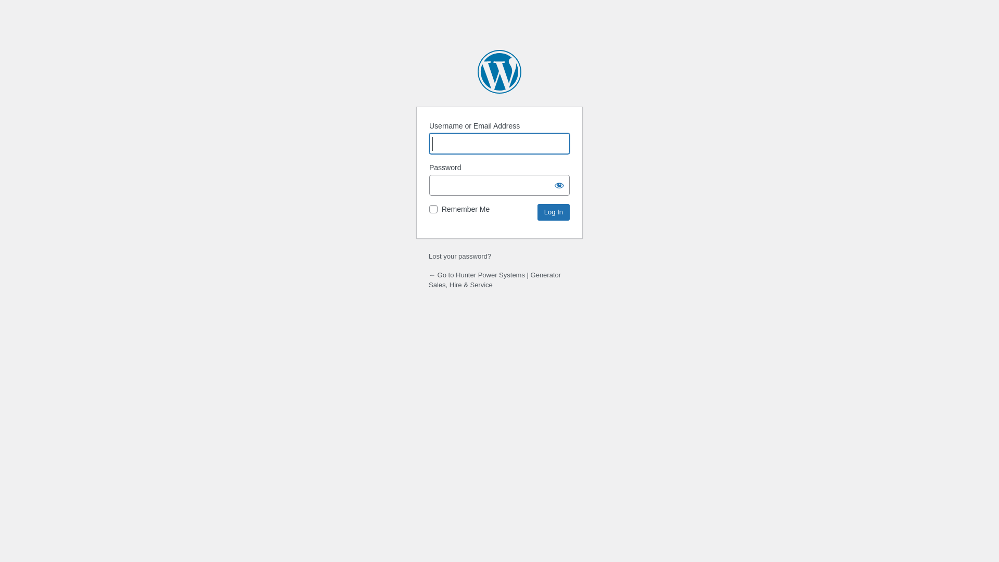 This screenshot has width=999, height=562. I want to click on 'Powered by WordPress', so click(499, 71).